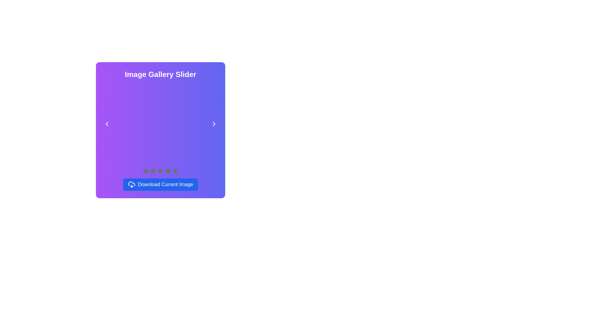 The width and height of the screenshot is (594, 334). I want to click on the right-facing chevron icon, which is styled with a modern outline and displayed against a purple gradient background, so click(214, 124).